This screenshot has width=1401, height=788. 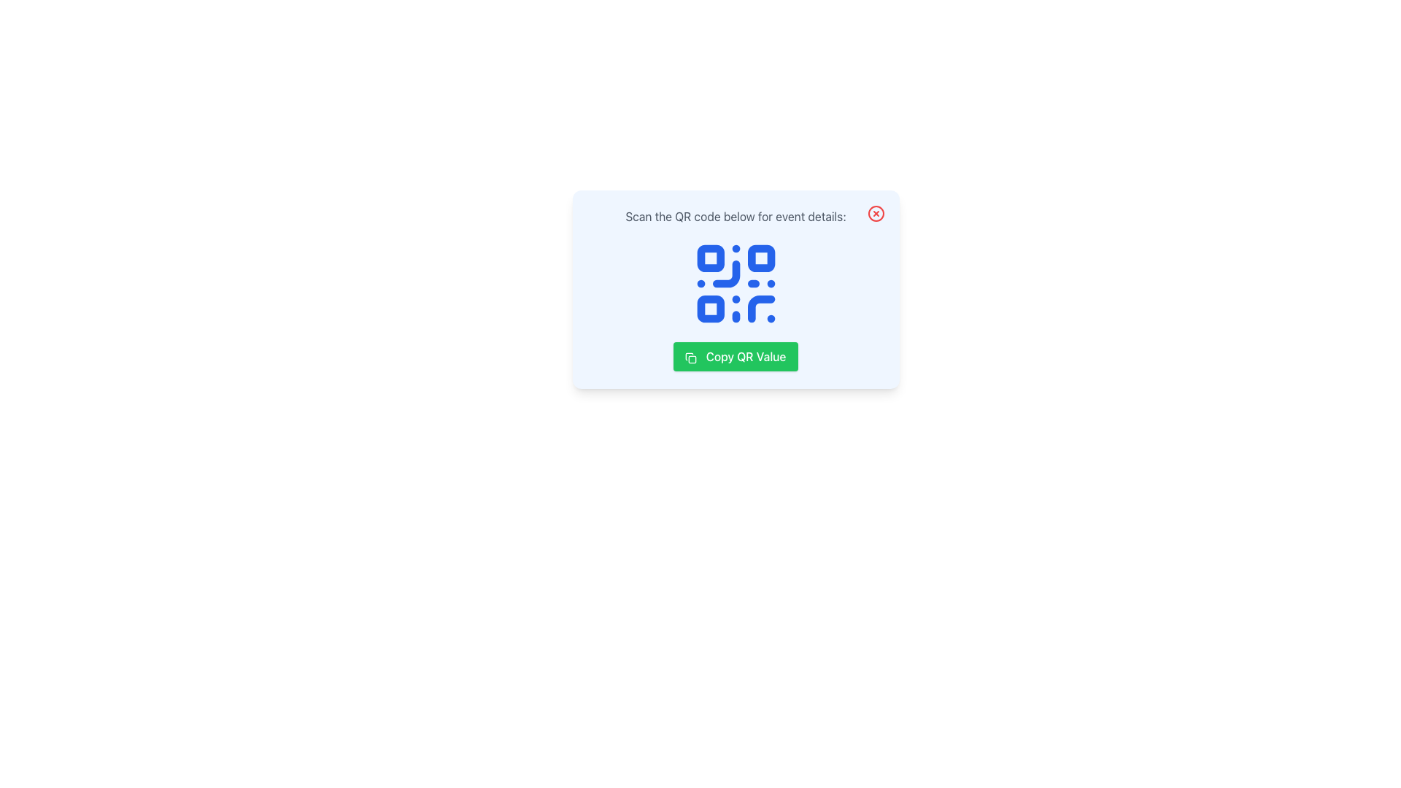 I want to click on the square graphical component located near the bottom-left area of the QR code, which contributes to its scannability and aesthetics, so click(x=710, y=308).